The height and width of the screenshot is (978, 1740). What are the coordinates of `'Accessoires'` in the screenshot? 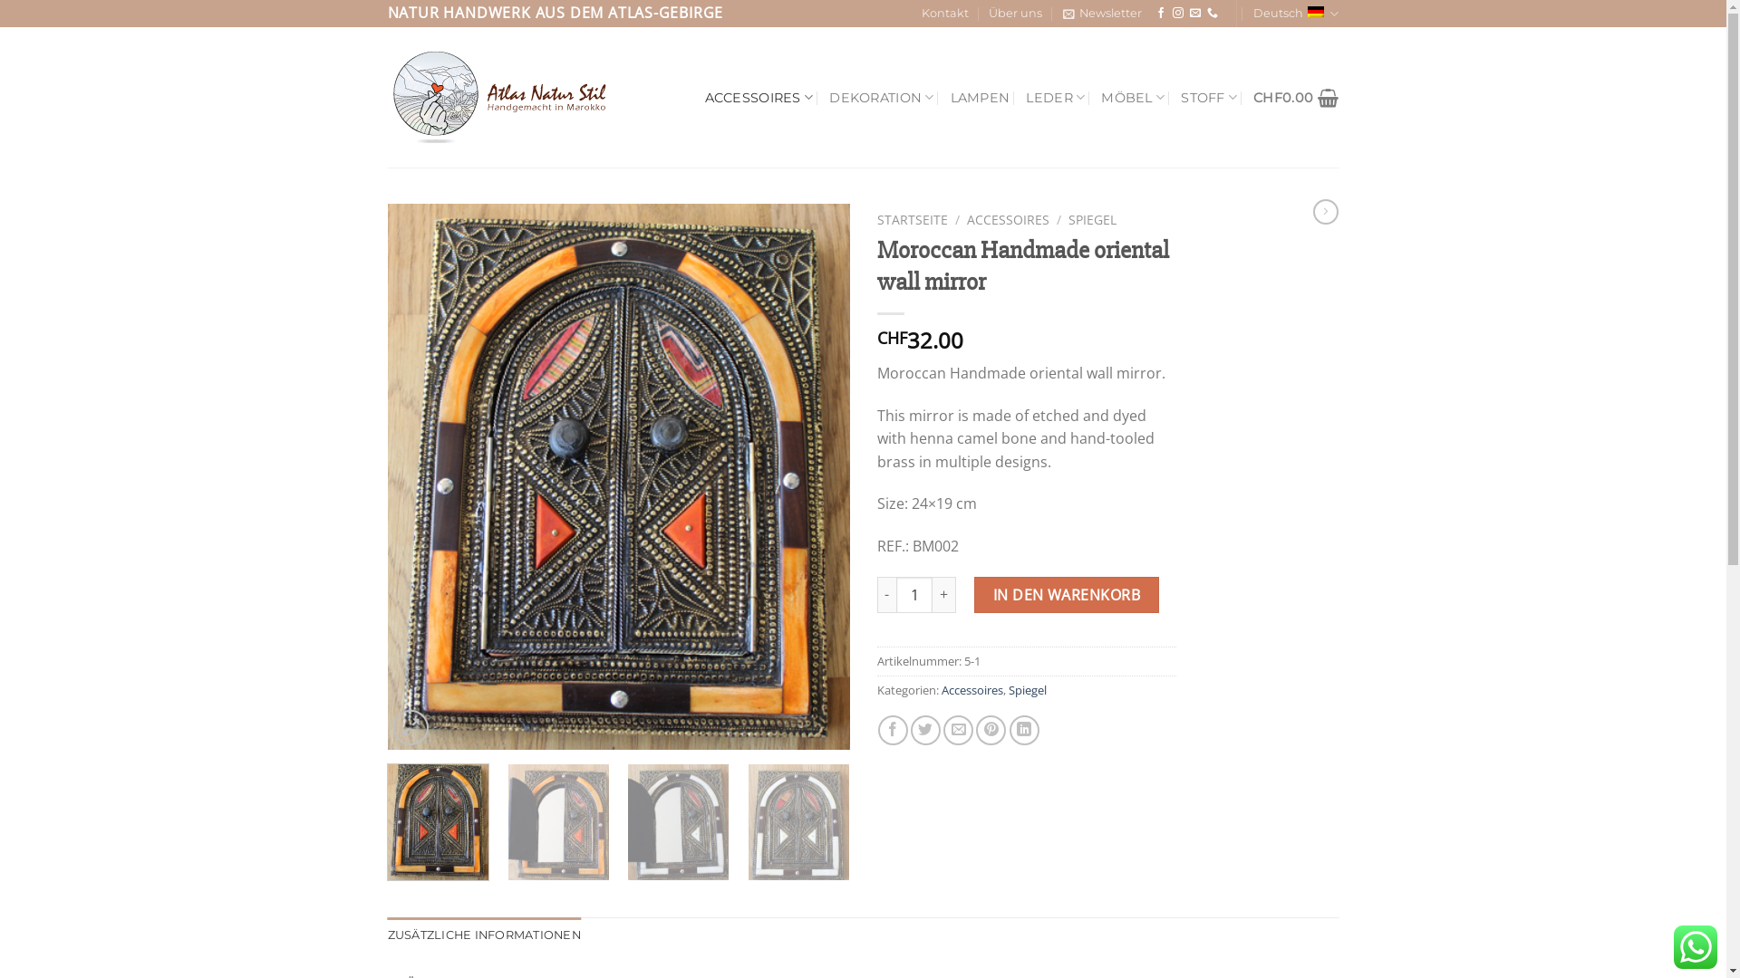 It's located at (970, 690).